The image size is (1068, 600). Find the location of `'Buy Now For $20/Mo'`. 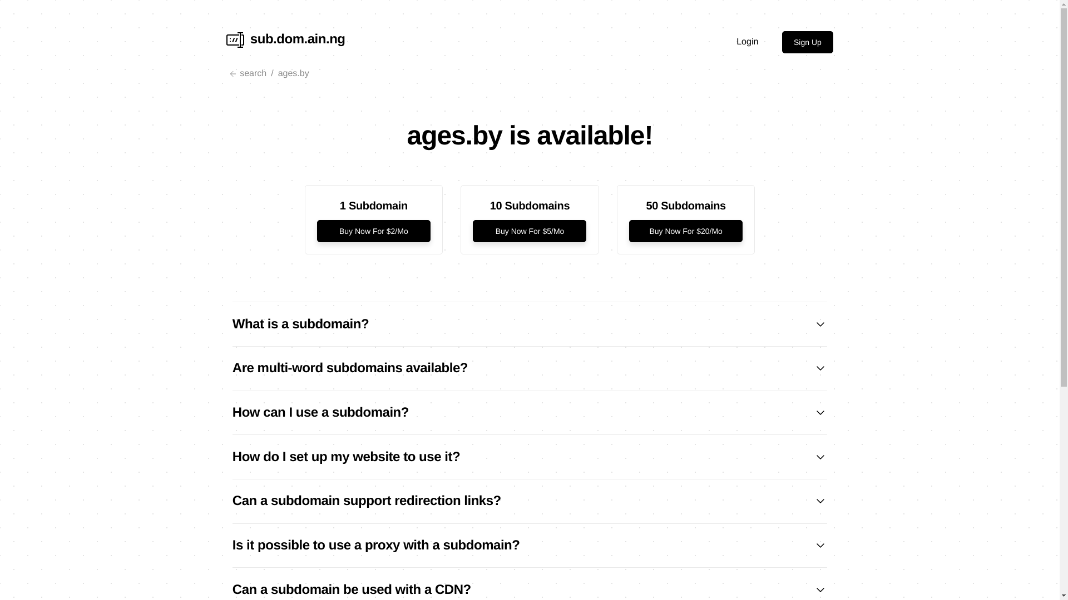

'Buy Now For $20/Mo' is located at coordinates (685, 231).